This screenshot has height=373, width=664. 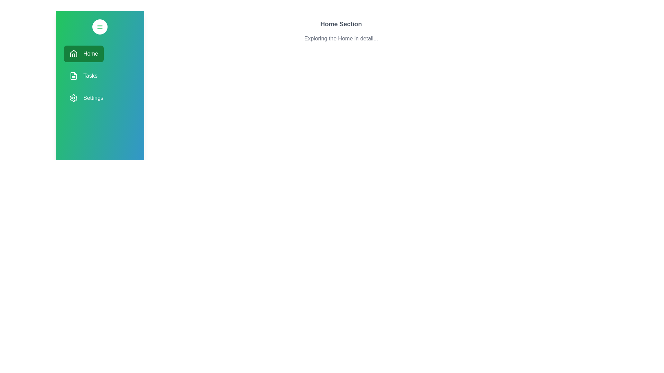 I want to click on the 'Home' button which contains the home icon on the left side, represented within a green rectangular background, so click(x=73, y=53).